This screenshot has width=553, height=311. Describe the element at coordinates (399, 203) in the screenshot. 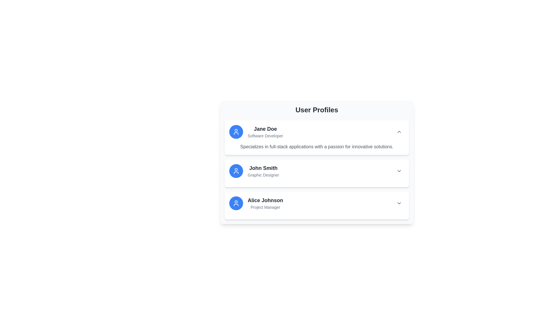

I see `the button located at the top-right corner of the 'Alice Johnson - Project Manager' profile card` at that location.